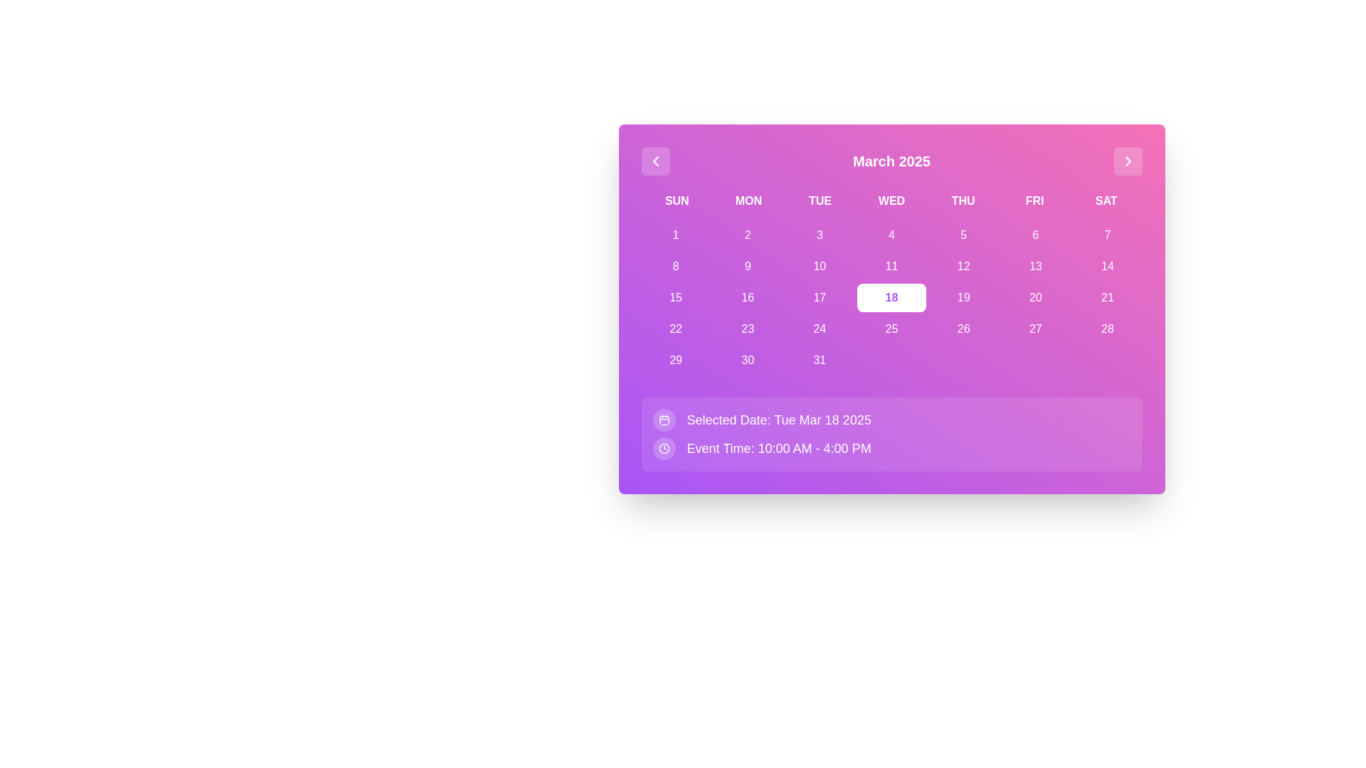 The image size is (1366, 768). Describe the element at coordinates (655, 161) in the screenshot. I see `the left-pointing chevron icon (class 'lucide-chevron-left') in the top-left corner of the calendar interface` at that location.